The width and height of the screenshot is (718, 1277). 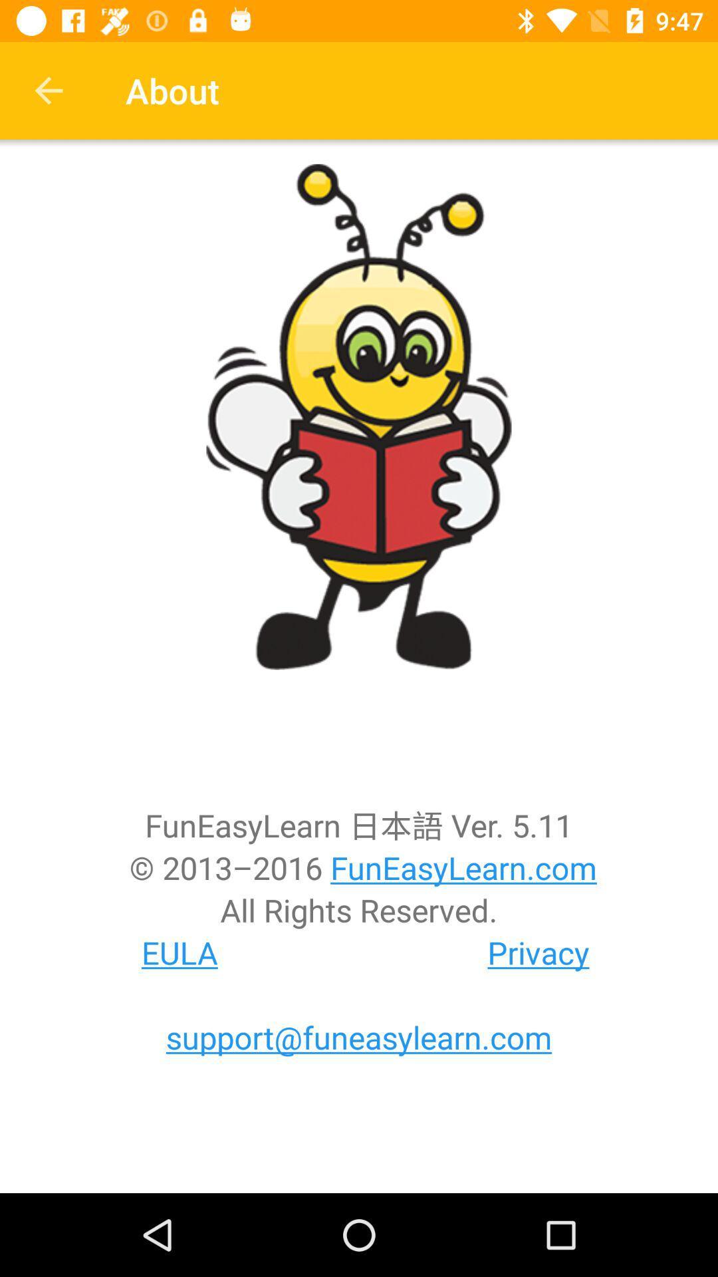 I want to click on icon next to privacy item, so click(x=179, y=952).